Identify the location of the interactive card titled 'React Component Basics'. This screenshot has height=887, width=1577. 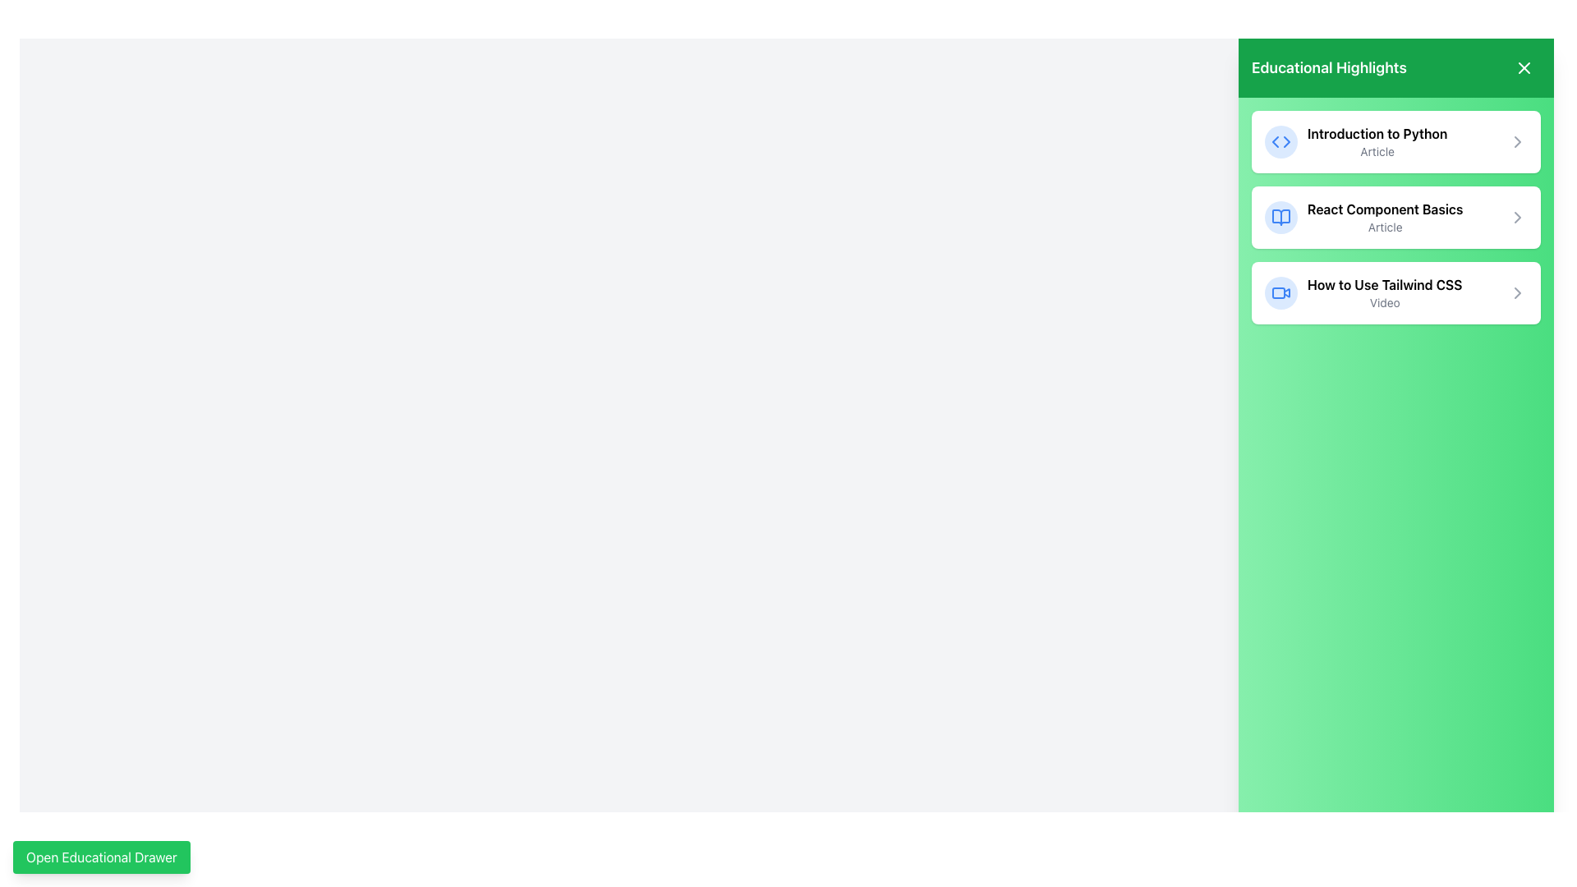
(1395, 217).